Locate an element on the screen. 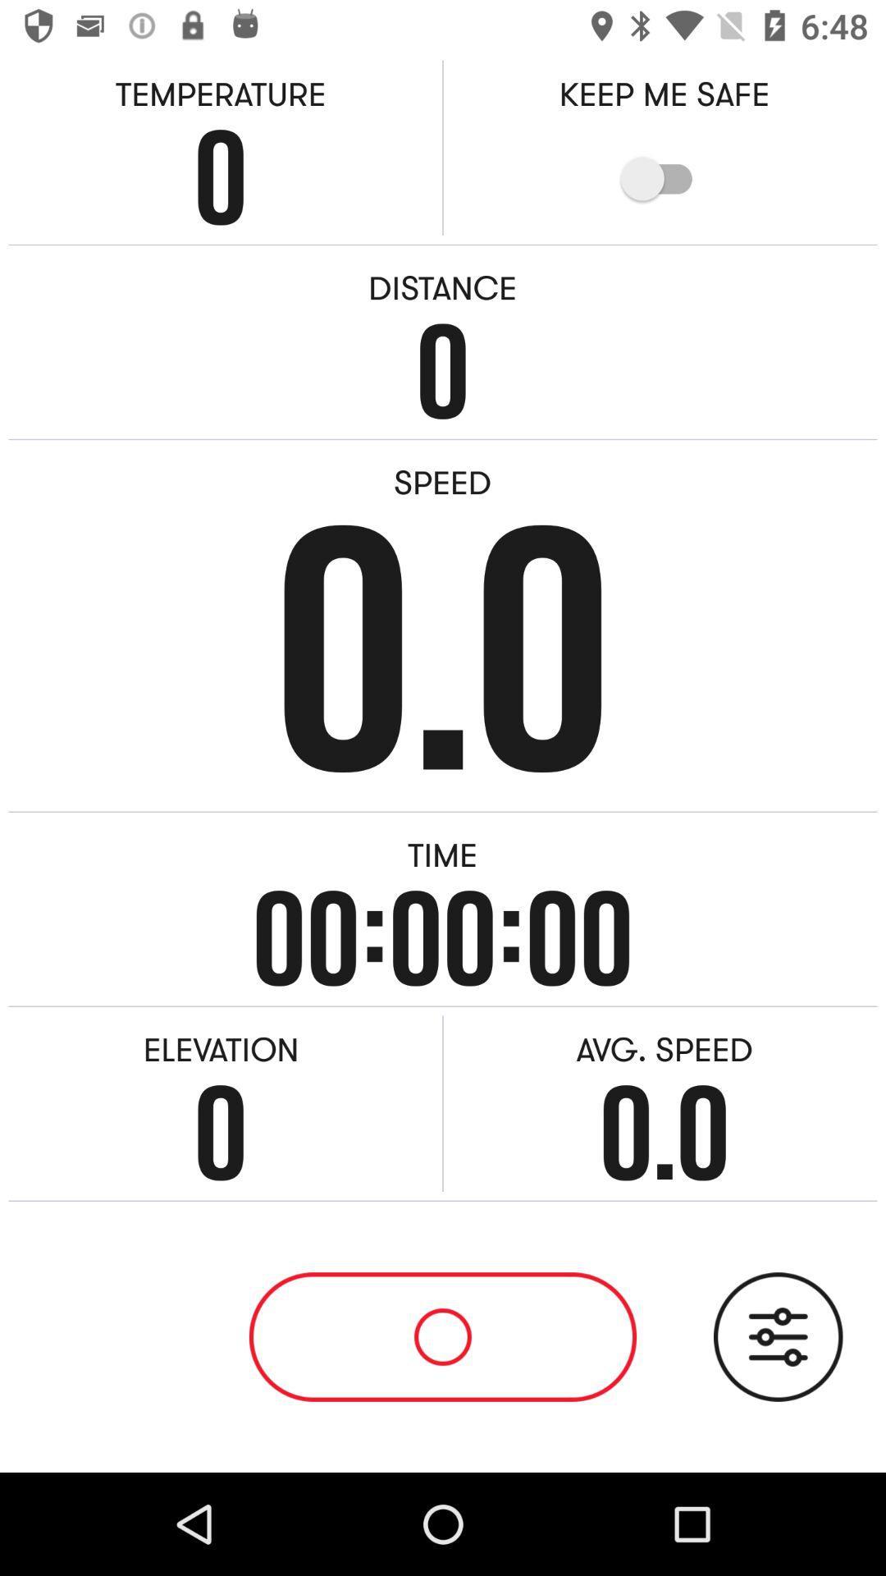 The width and height of the screenshot is (886, 1576). app settings is located at coordinates (777, 1336).